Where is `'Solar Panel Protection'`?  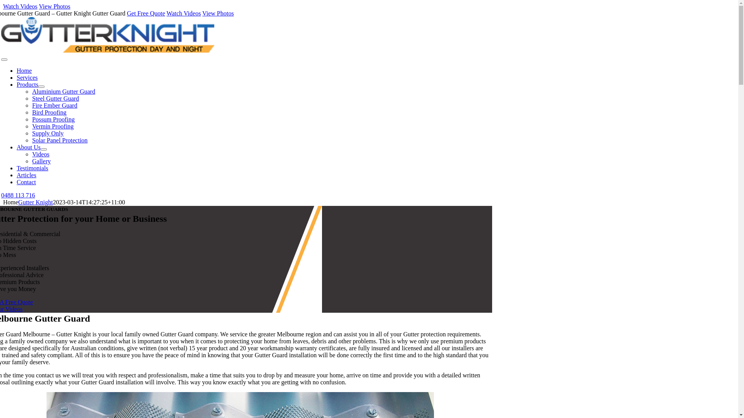 'Solar Panel Protection' is located at coordinates (31, 140).